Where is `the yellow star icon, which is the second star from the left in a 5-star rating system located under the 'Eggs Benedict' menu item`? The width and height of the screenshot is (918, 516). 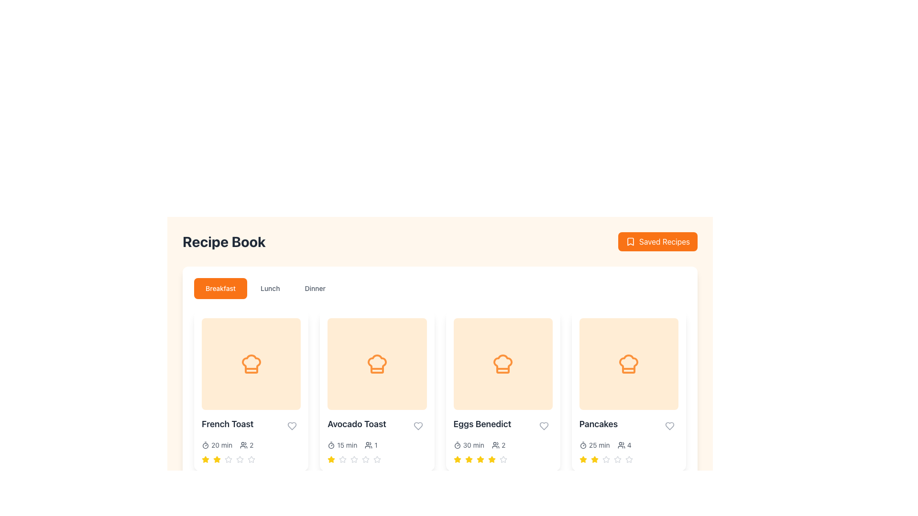 the yellow star icon, which is the second star from the left in a 5-star rating system located under the 'Eggs Benedict' menu item is located at coordinates (457, 459).